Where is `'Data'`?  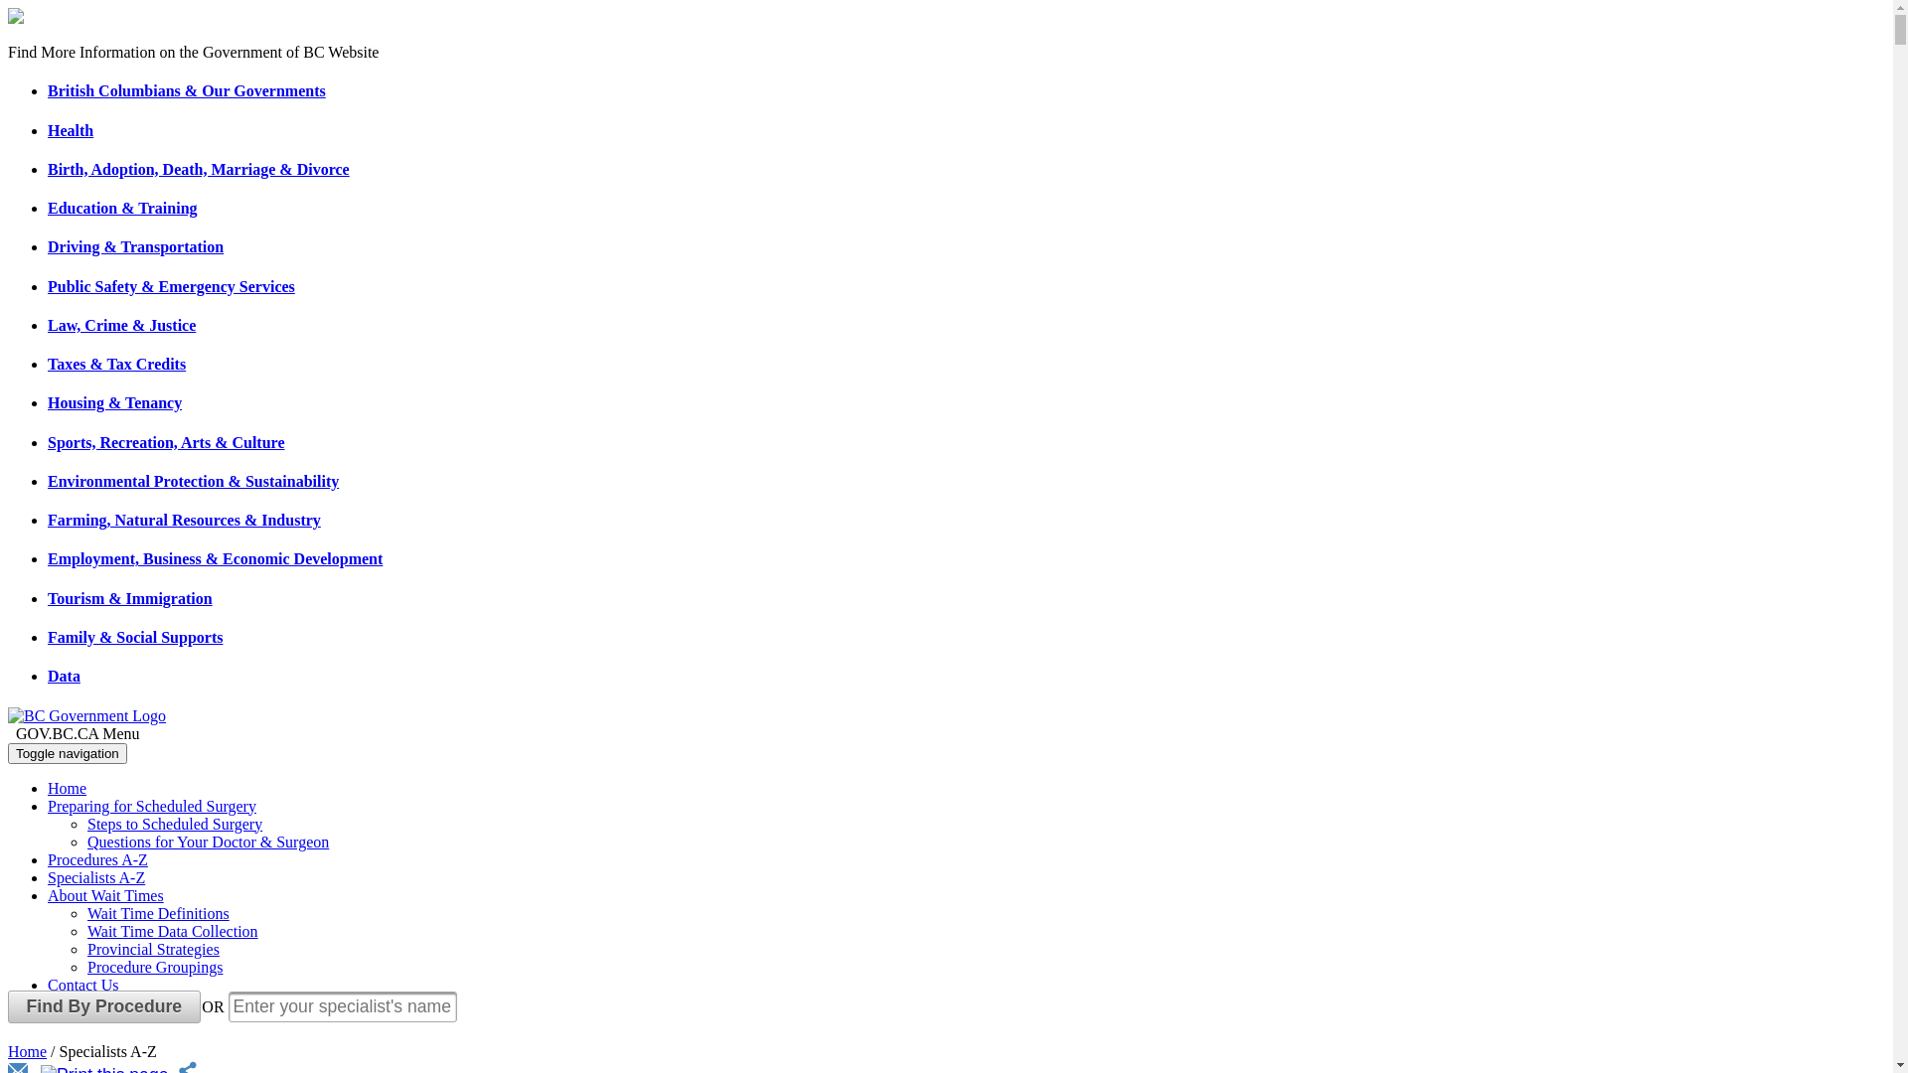 'Data' is located at coordinates (64, 675).